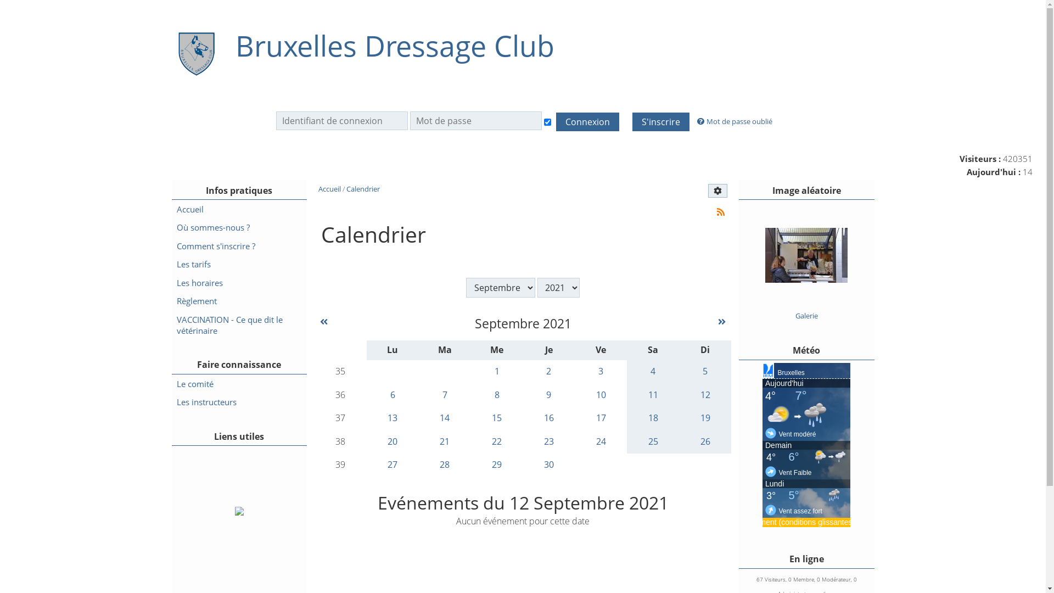 The image size is (1054, 593). Describe the element at coordinates (238, 245) in the screenshot. I see `'Comment s'inscrire ?'` at that location.